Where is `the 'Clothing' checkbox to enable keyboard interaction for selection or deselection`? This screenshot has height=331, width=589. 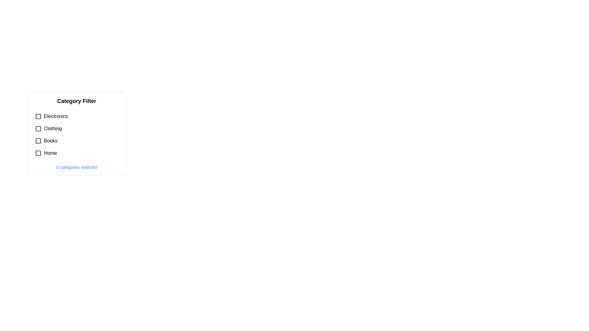 the 'Clothing' checkbox to enable keyboard interaction for selection or deselection is located at coordinates (38, 128).